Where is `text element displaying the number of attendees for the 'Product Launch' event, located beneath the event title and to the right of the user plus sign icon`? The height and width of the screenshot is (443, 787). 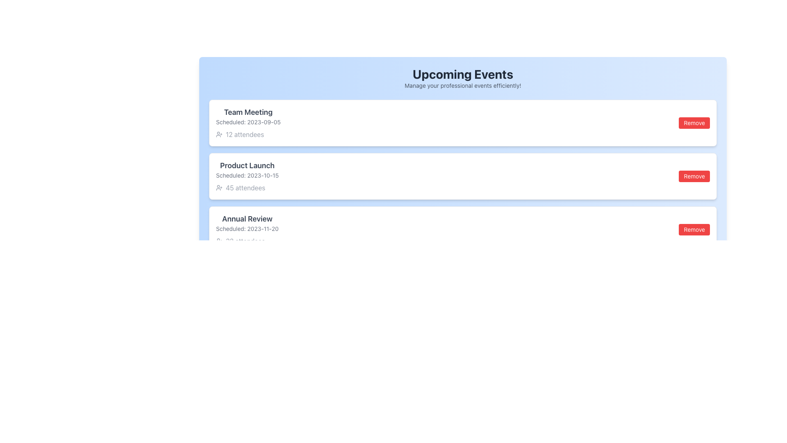 text element displaying the number of attendees for the 'Product Launch' event, located beneath the event title and to the right of the user plus sign icon is located at coordinates (245, 188).